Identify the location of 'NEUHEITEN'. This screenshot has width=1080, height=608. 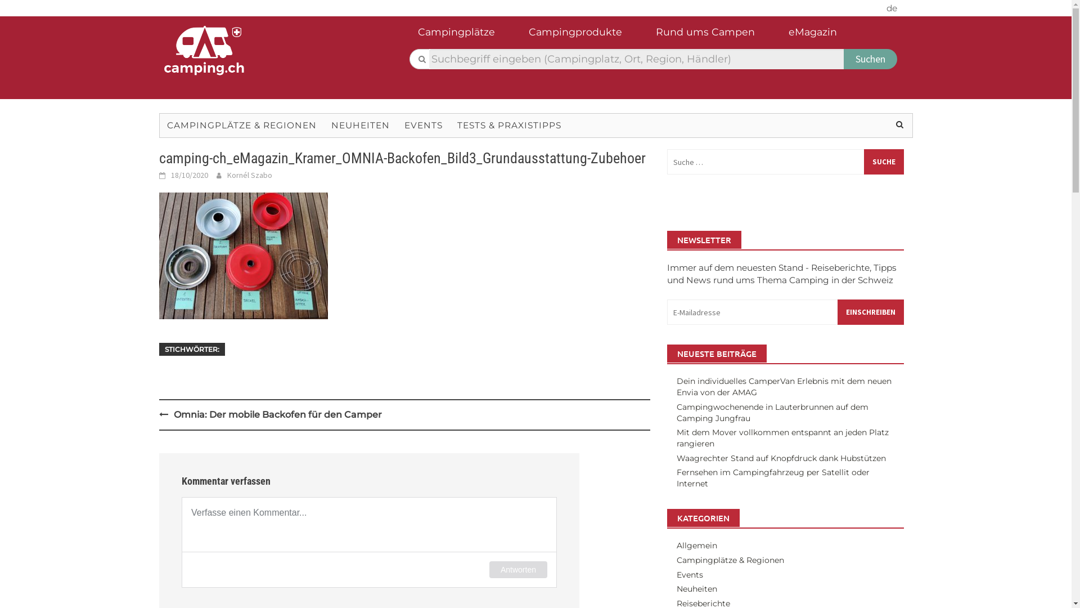
(323, 126).